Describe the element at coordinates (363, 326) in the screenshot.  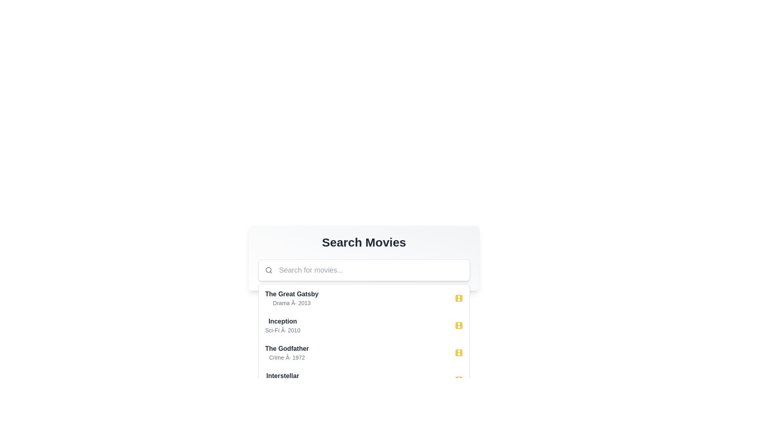
I see `the selectable movie item in the dropdown list that displays the movie's title, genre, and release year, located between 'The Great Gatsby' and 'The Godfather'` at that location.